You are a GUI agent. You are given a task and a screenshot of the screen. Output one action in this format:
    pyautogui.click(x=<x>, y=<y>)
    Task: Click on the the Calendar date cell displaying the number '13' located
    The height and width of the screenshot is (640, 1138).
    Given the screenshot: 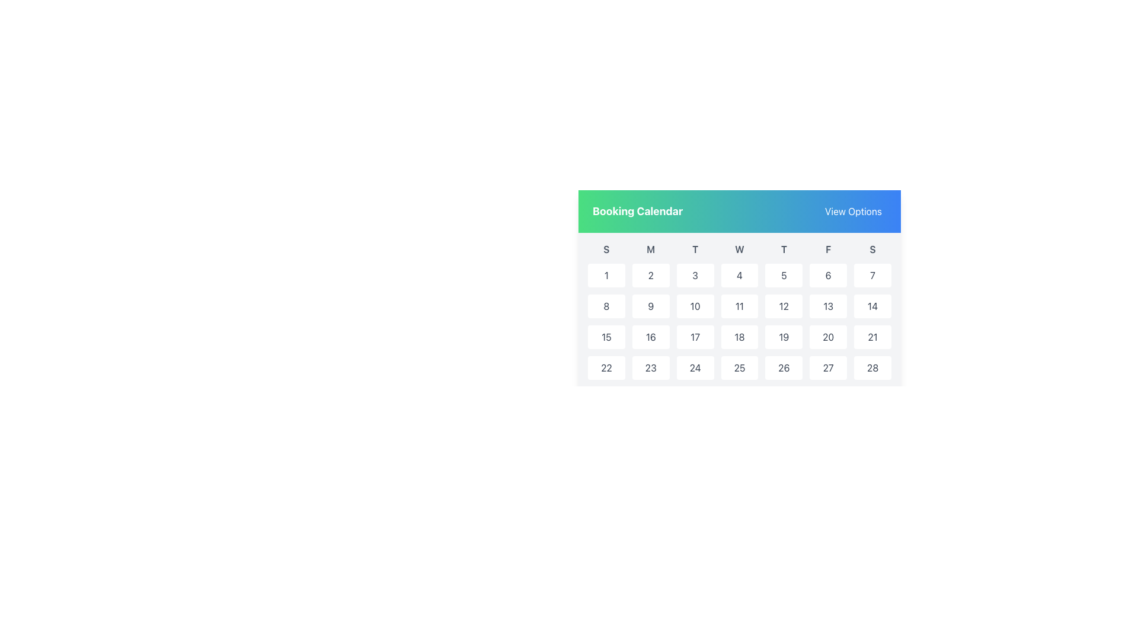 What is the action you would take?
    pyautogui.click(x=827, y=305)
    